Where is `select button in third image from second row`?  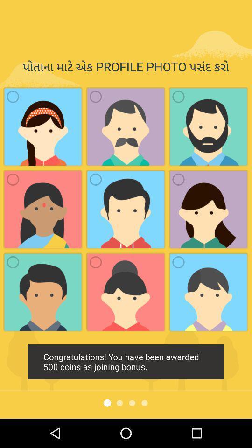
select button in third image from second row is located at coordinates (178, 179).